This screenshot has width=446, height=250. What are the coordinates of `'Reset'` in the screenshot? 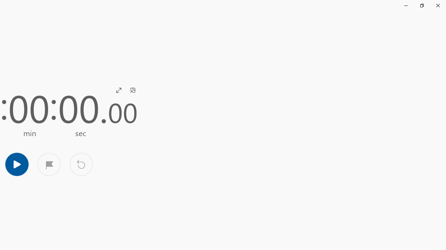 It's located at (81, 164).